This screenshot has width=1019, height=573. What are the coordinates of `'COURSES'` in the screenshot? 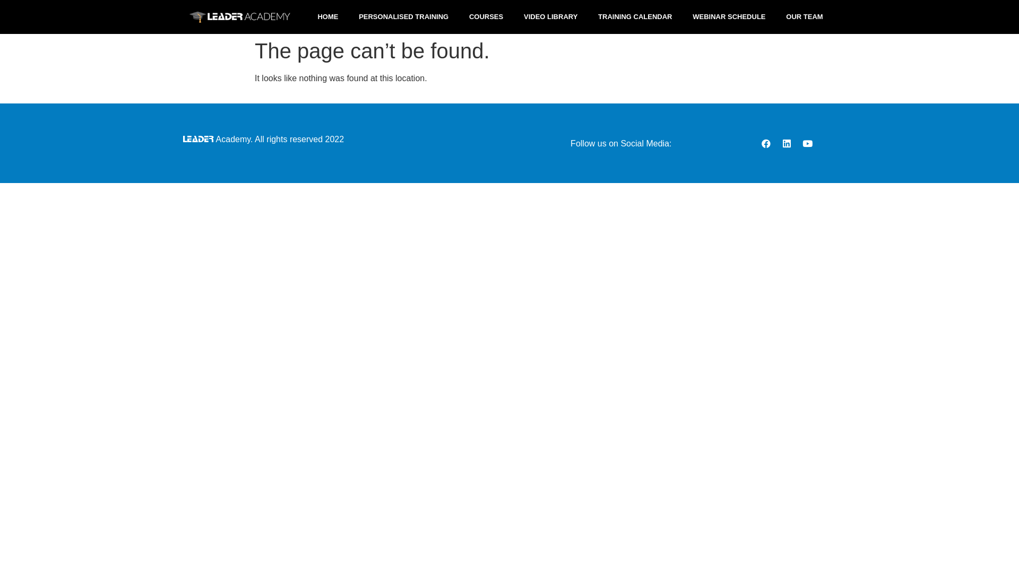 It's located at (459, 16).